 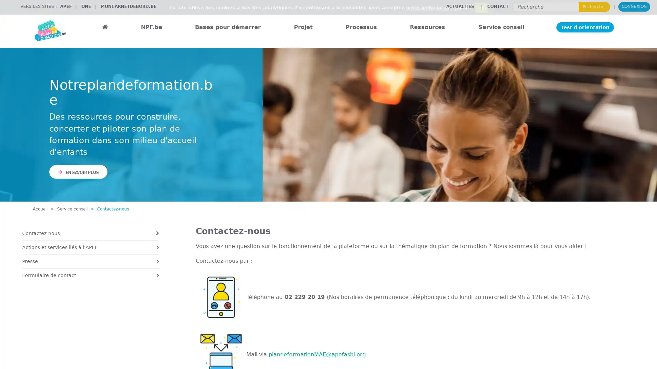 What do you see at coordinates (594, 6) in the screenshot?
I see `Rechercher` at bounding box center [594, 6].